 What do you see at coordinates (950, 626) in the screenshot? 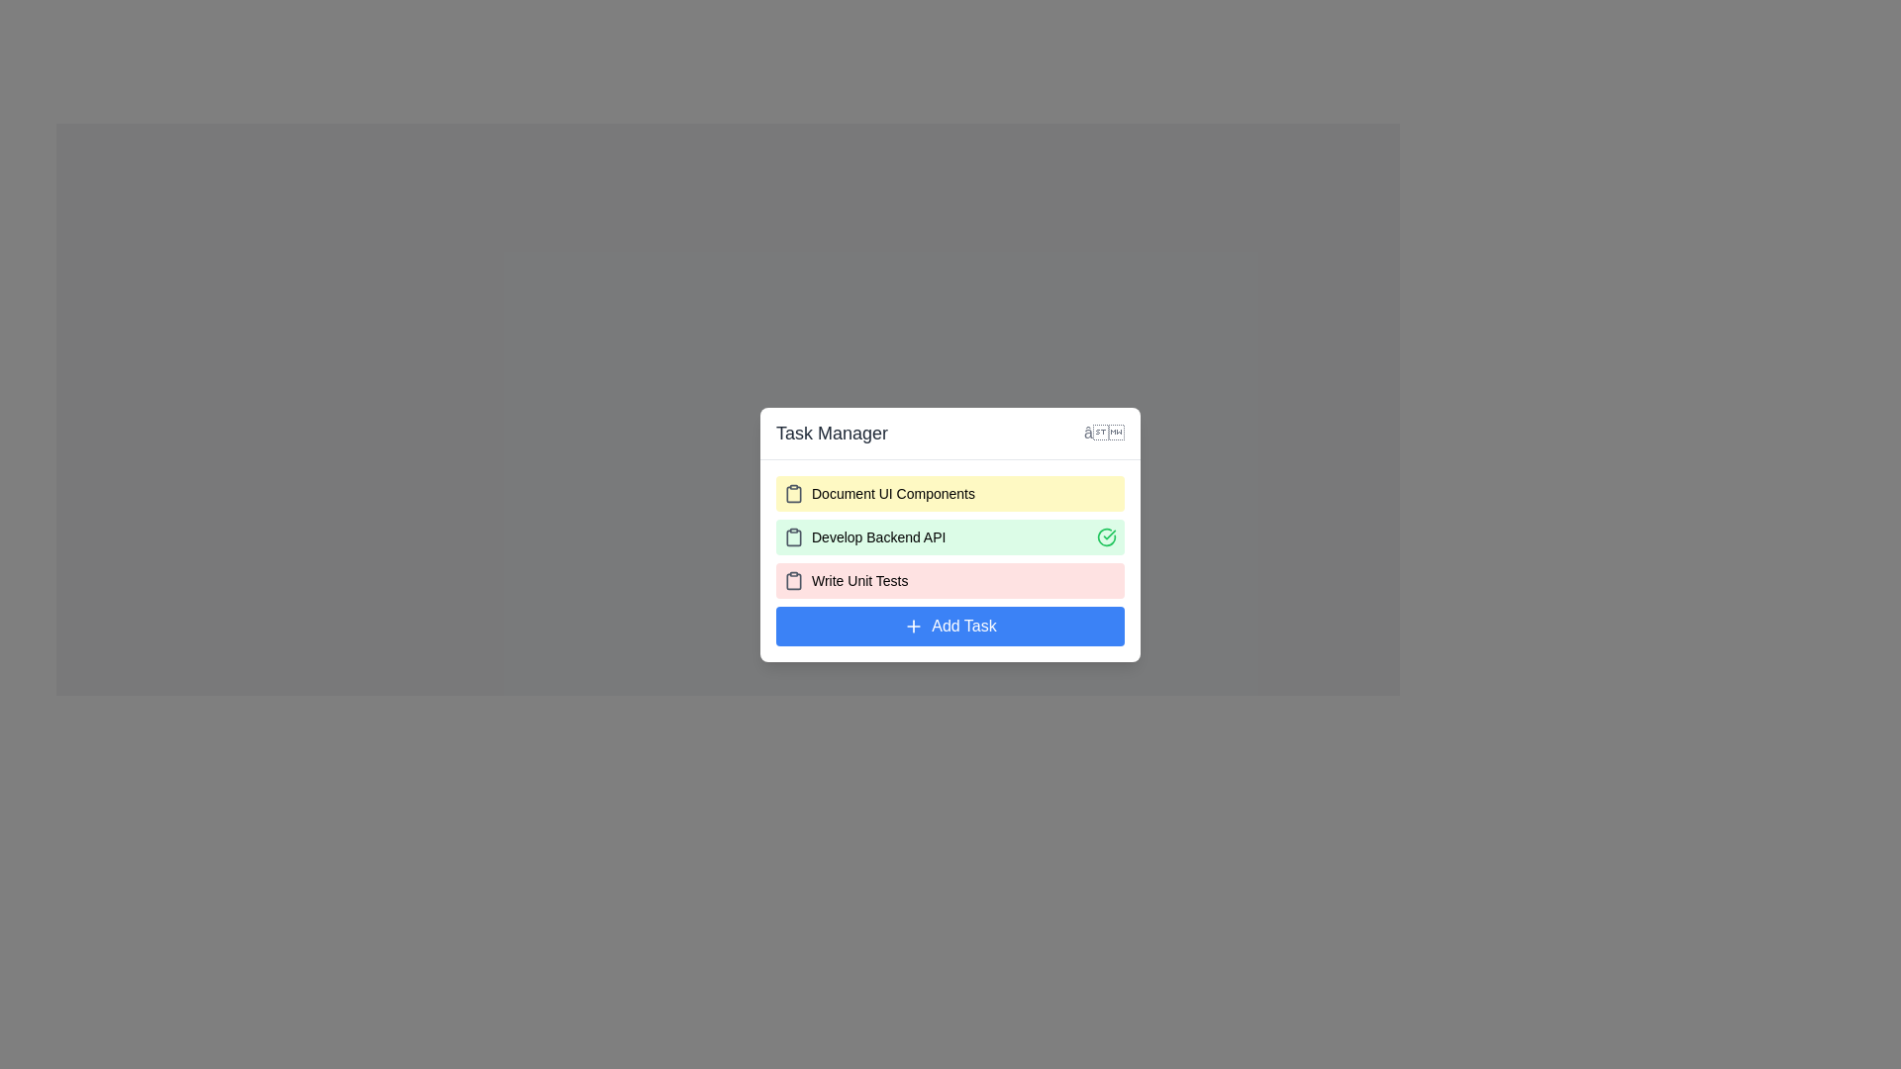
I see `the 'Add Task' button located at the bottom of the task list in the 'Task Manager' card` at bounding box center [950, 626].